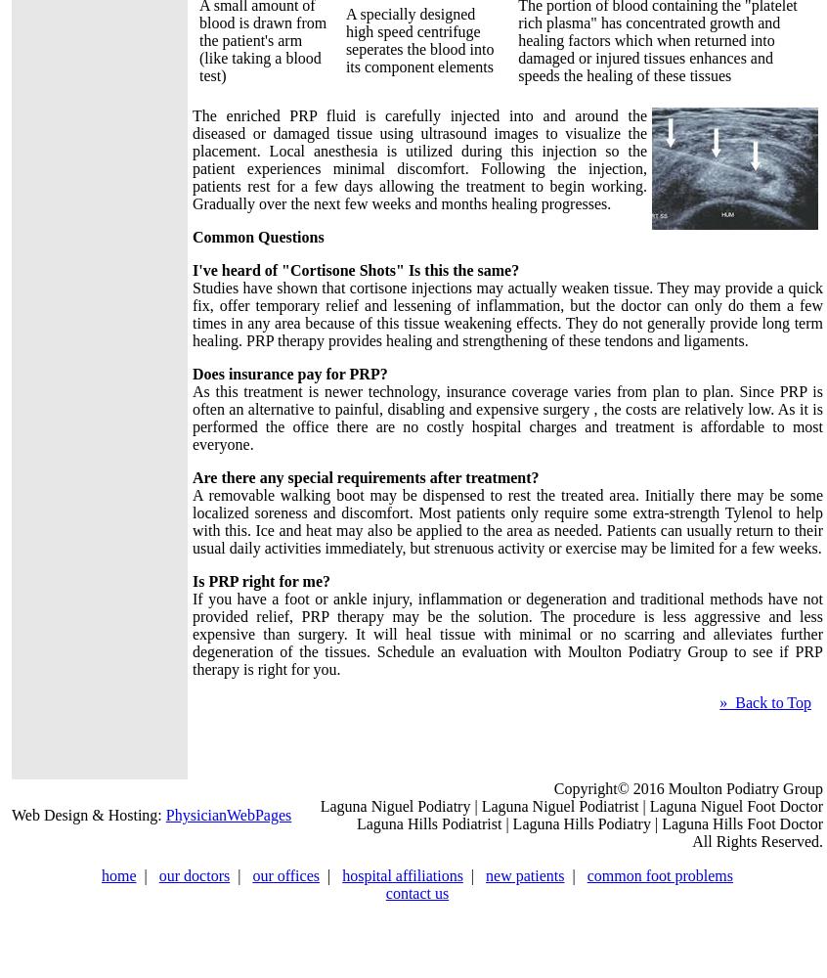 This screenshot has width=827, height=978. What do you see at coordinates (507, 521) in the screenshot?
I see `'A removable walking boot may be dispensed to rest the treated area.  Initially there may be some localized soreness and discomfort. Most patients only require some extra-strength Tylenol to help with this.  Ice and heat may also be applied to the area as needed.  Patients can usually return to their usual daily activities immediately, but strenuous activity or exercise may be limited for a few weeks.'` at bounding box center [507, 521].